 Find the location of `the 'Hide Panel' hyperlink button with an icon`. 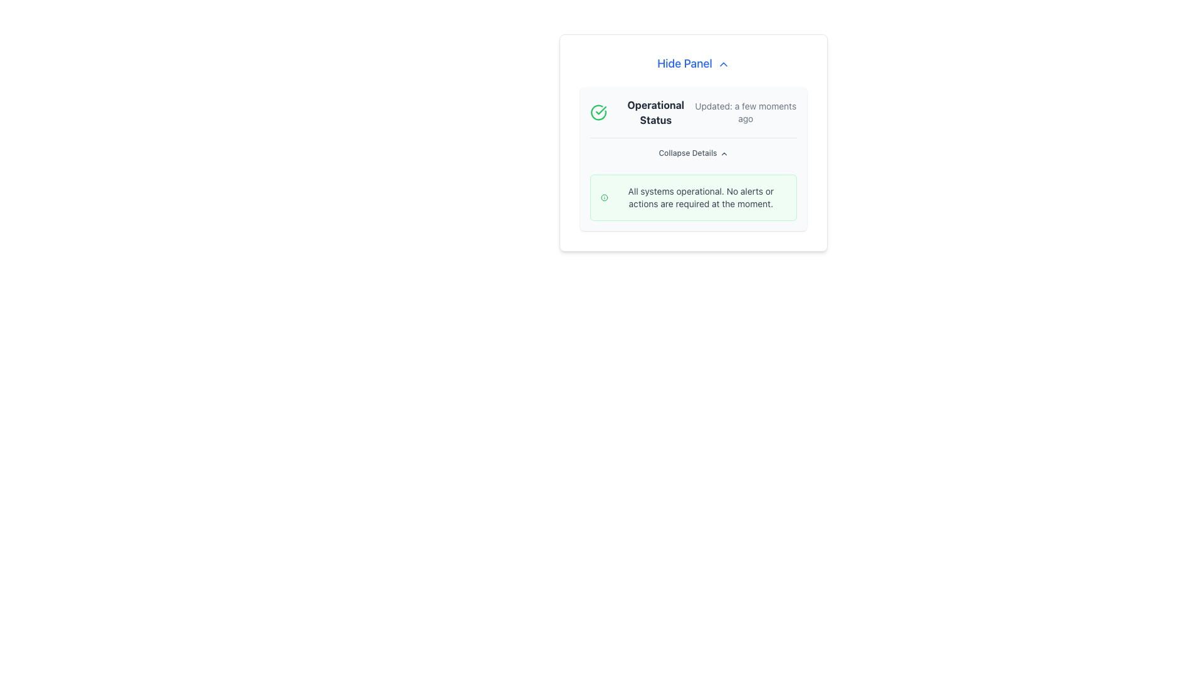

the 'Hide Panel' hyperlink button with an icon is located at coordinates (693, 63).